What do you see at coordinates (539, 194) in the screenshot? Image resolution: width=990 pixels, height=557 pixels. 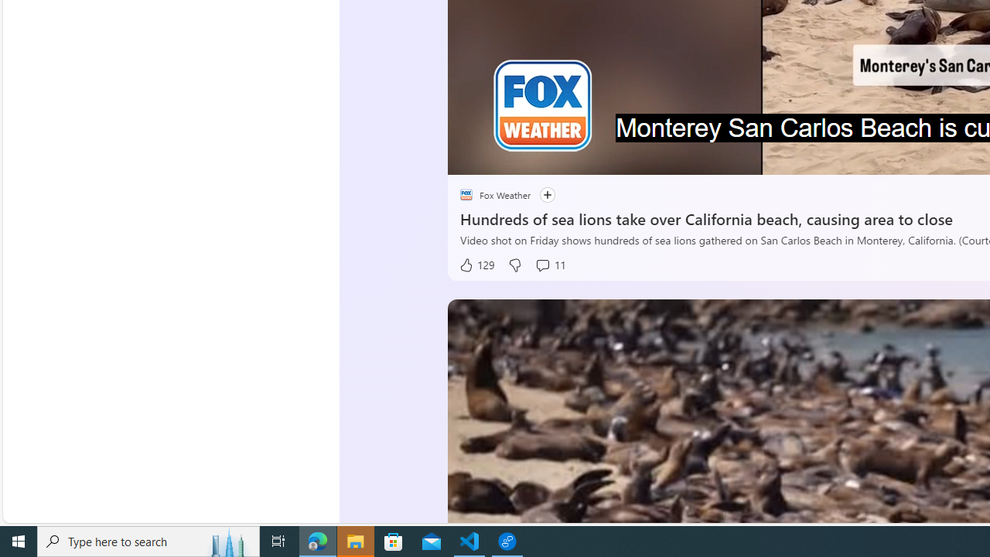 I see `'Follow'` at bounding box center [539, 194].